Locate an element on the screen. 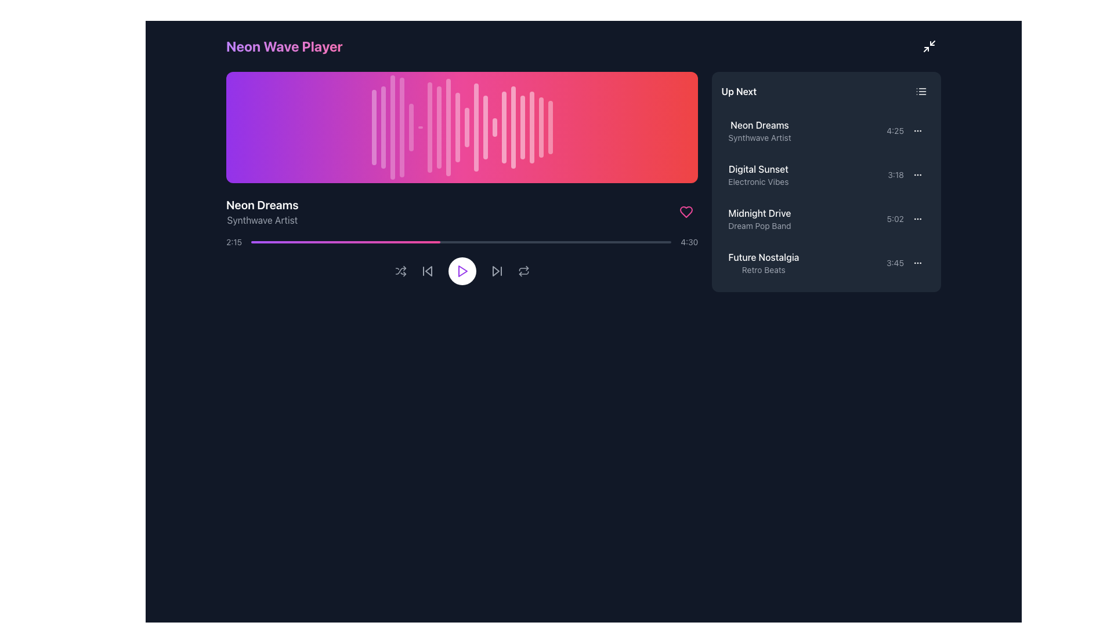  the media progress is located at coordinates (439, 241).